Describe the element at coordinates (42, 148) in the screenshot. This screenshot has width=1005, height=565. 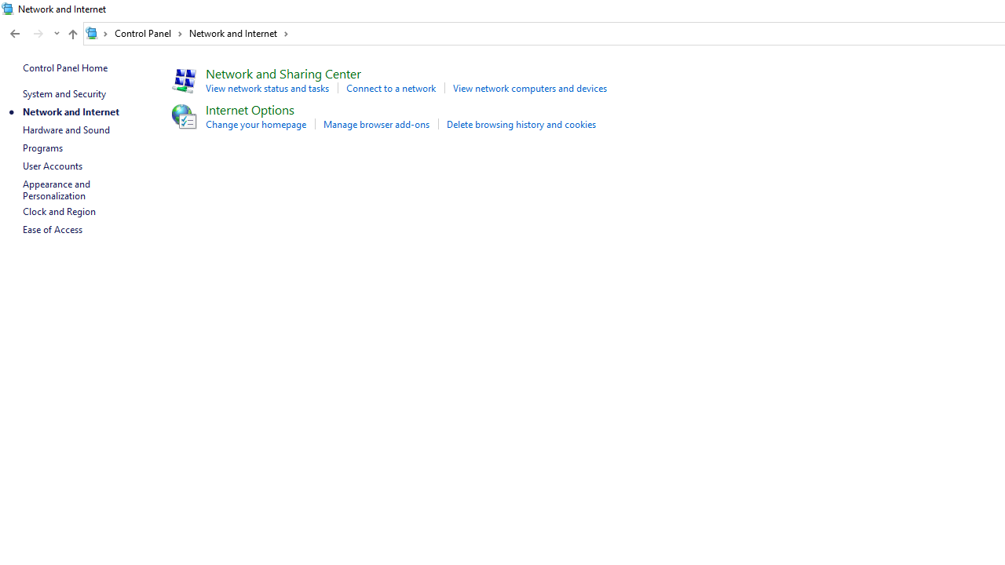
I see `'Programs'` at that location.